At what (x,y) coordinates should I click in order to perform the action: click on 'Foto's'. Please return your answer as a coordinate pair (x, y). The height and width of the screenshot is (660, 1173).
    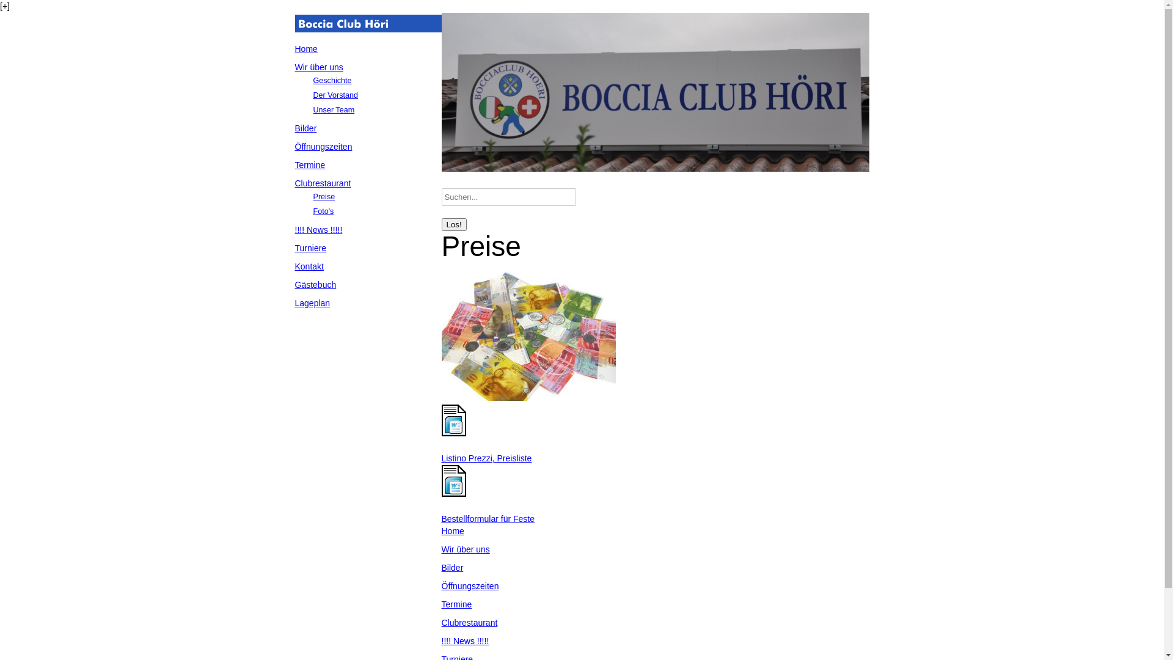
    Looking at the image, I should click on (323, 211).